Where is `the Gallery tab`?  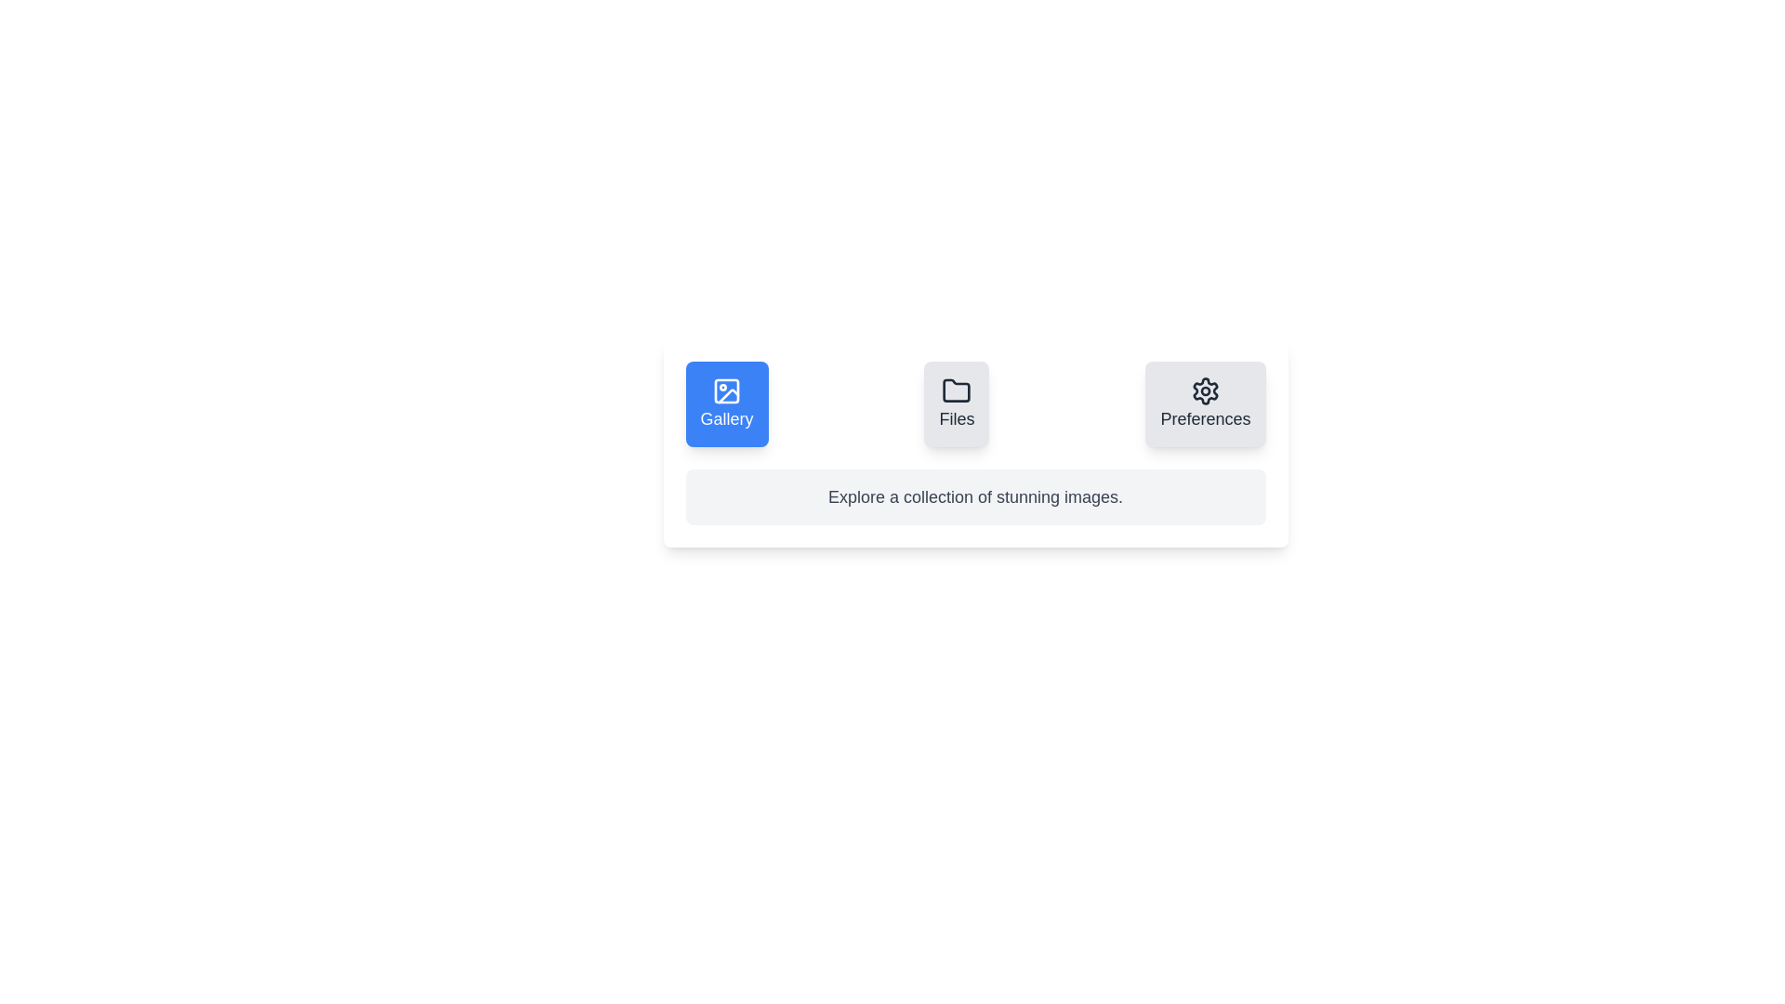 the Gallery tab is located at coordinates (726, 403).